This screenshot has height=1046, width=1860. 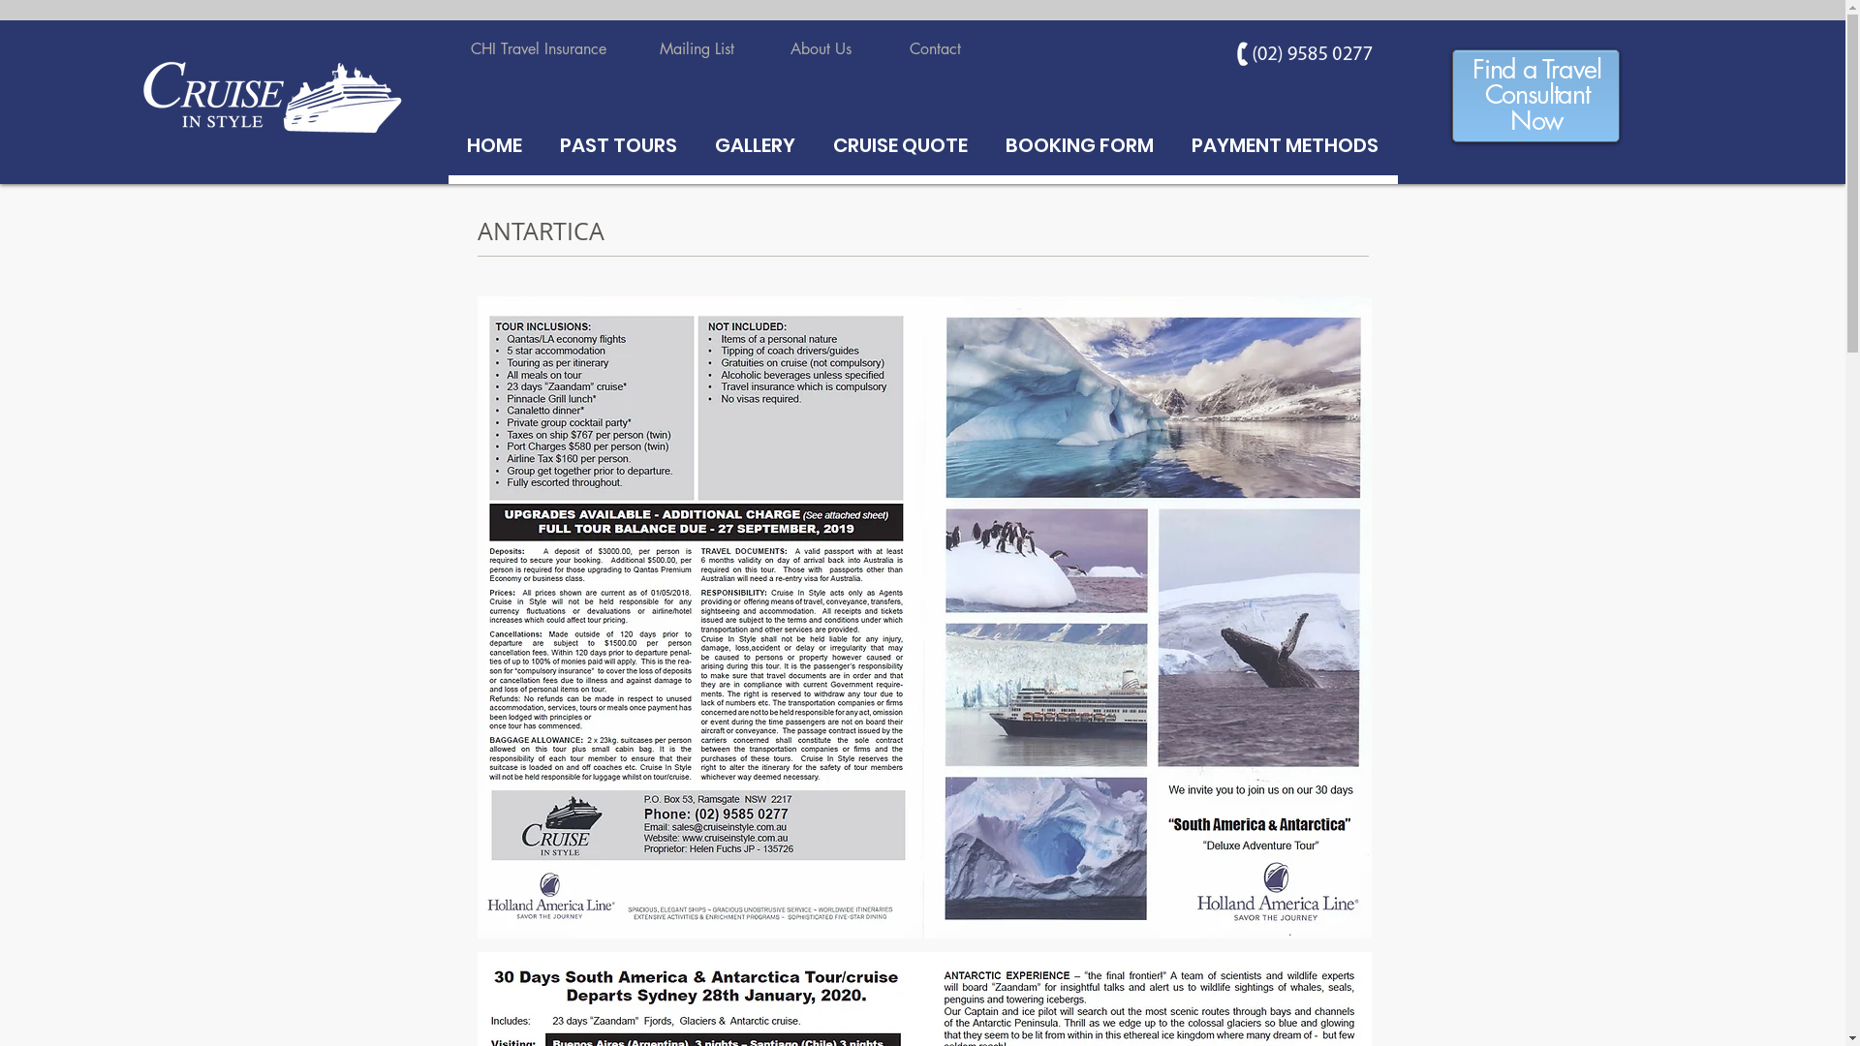 I want to click on 'PAYMENT METHODS', so click(x=1284, y=144).